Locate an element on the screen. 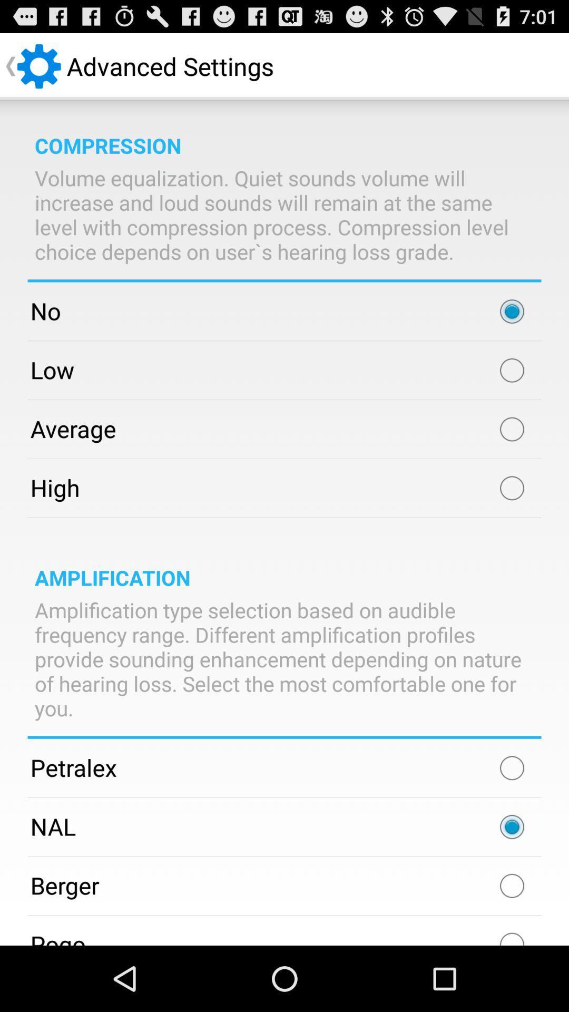 This screenshot has height=1012, width=569. set amplification type to nal is located at coordinates (512, 826).